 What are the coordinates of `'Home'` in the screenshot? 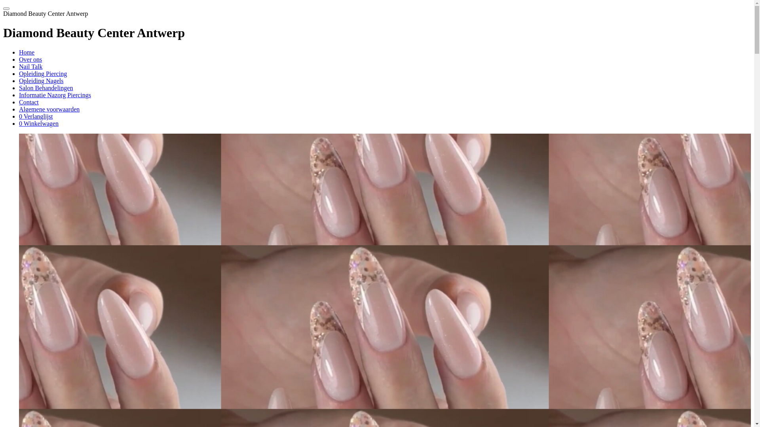 It's located at (27, 52).